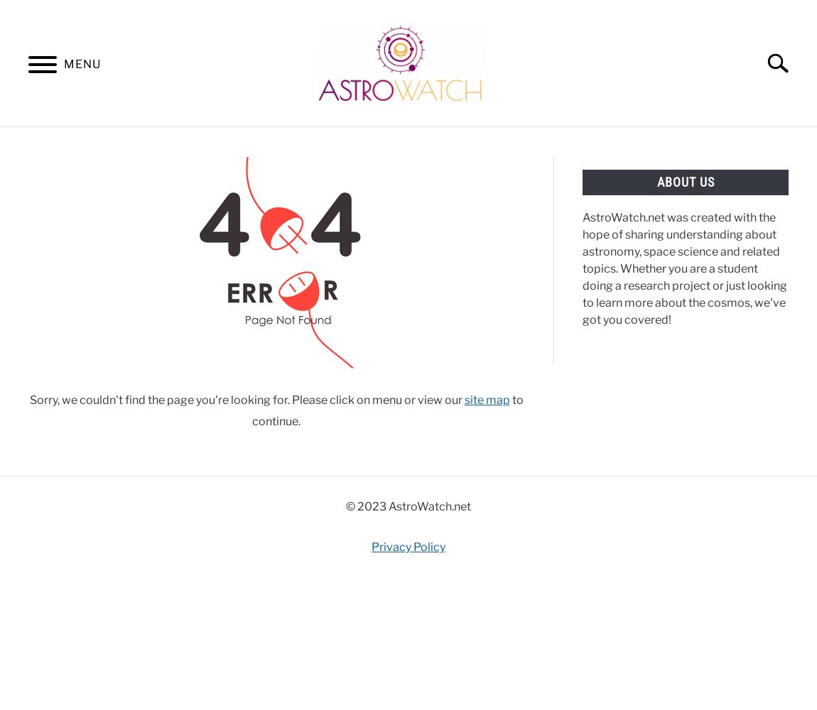  What do you see at coordinates (65, 312) in the screenshot?
I see `'The Solar System'` at bounding box center [65, 312].